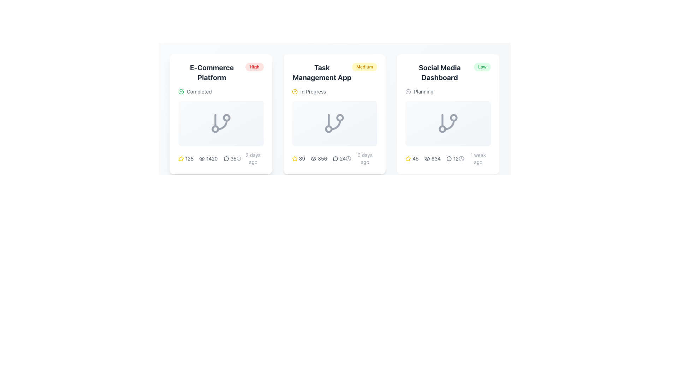 Image resolution: width=678 pixels, height=381 pixels. I want to click on the Timestamp indicator with a clock icon that displays '5 days ago' in light gray color, located at the bottom of the Task Management App card, so click(361, 159).